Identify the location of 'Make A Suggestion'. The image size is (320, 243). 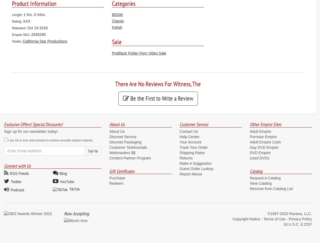
(195, 163).